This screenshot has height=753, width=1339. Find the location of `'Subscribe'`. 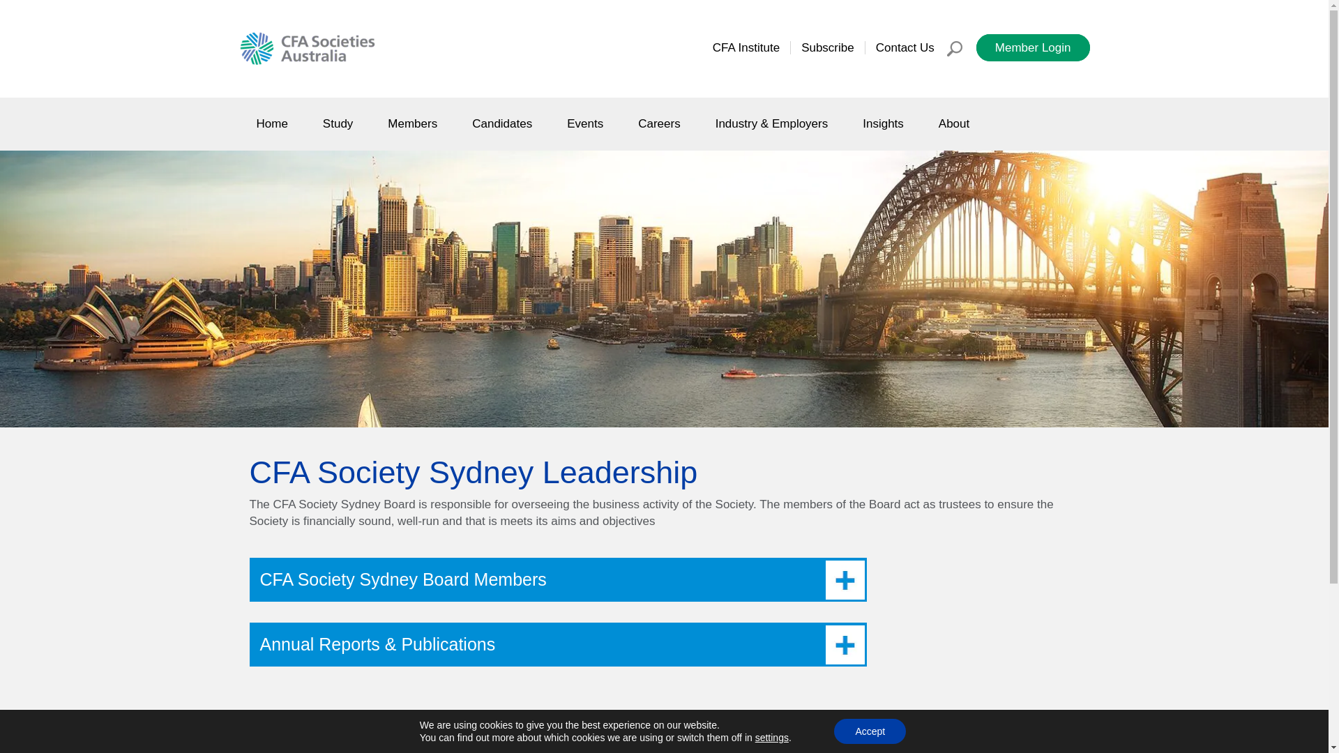

'Subscribe' is located at coordinates (827, 47).